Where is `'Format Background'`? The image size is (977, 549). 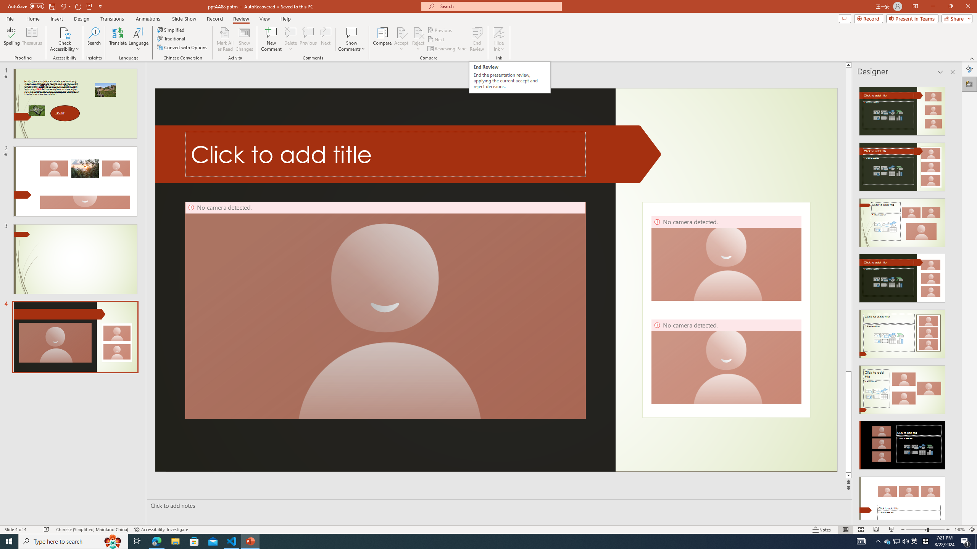
'Format Background' is located at coordinates (969, 69).